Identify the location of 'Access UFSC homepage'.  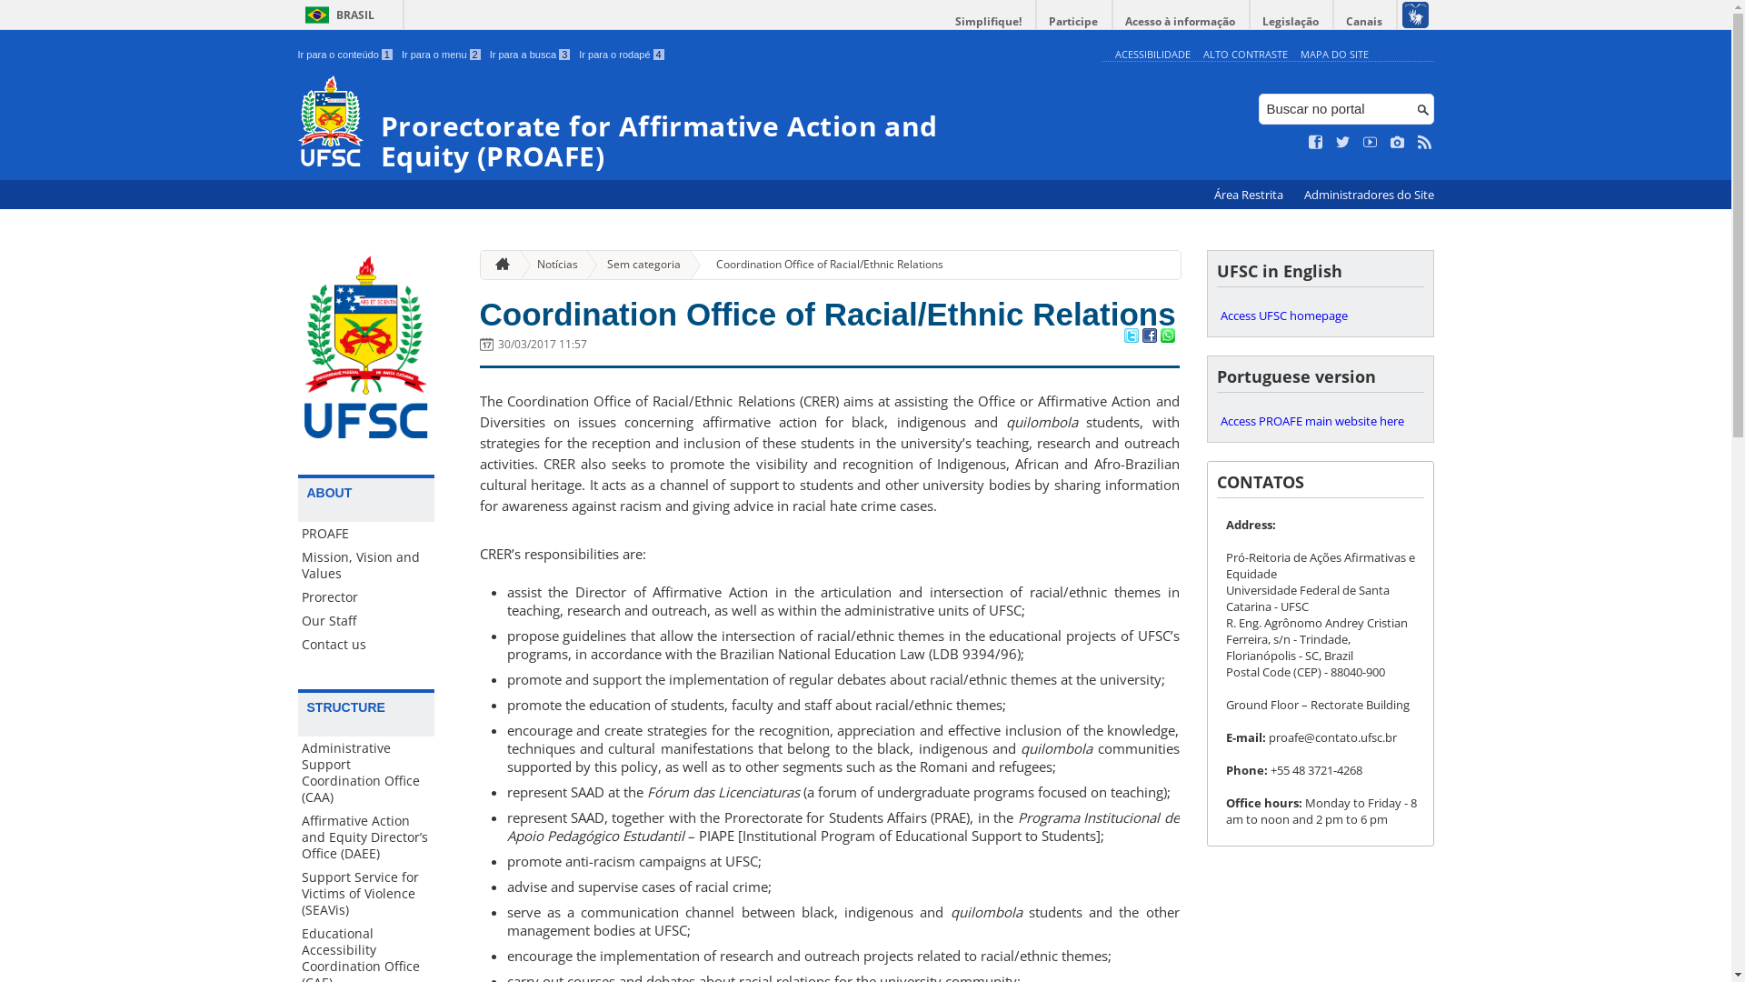
(1216, 315).